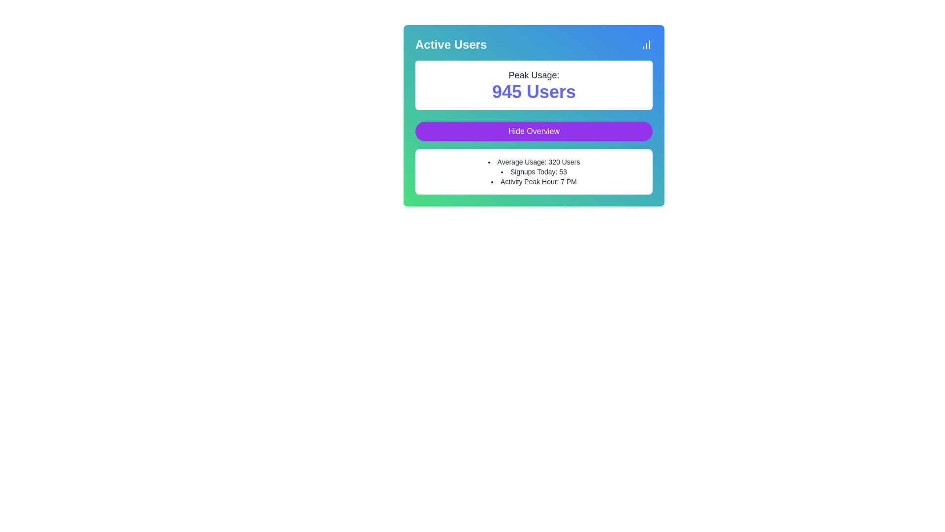  Describe the element at coordinates (533, 85) in the screenshot. I see `the Data display panel that shows 'Peak Usage:' followed by '945 Users' in indigo color, located centrally below the 'Active Users' title and above the 'Hide Overview' button` at that location.